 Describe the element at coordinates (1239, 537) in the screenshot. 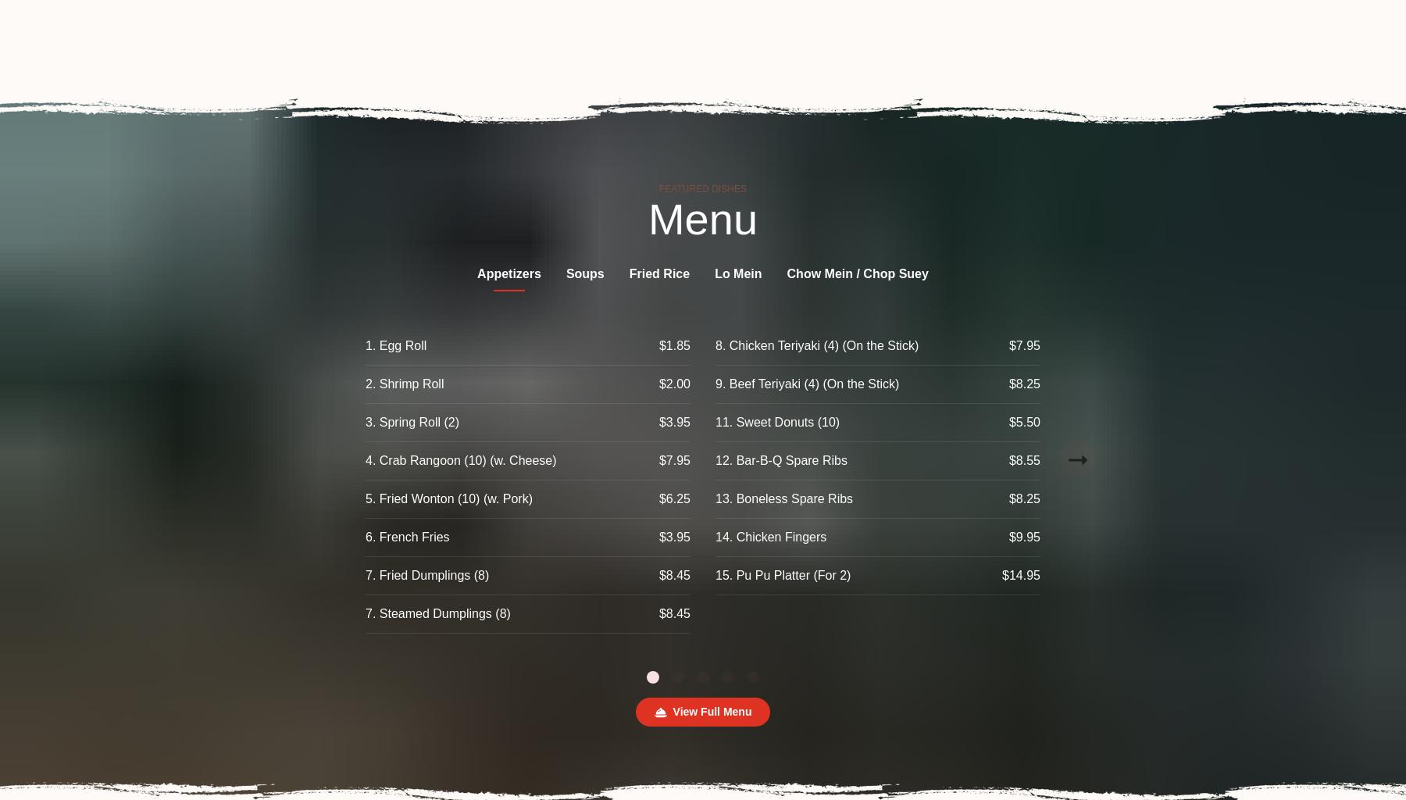

I see `'49. General Tso's Bean Curd'` at that location.